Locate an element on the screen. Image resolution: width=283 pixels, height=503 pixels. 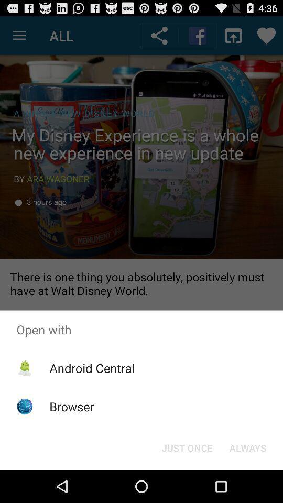
the item to the right of the just once item is located at coordinates (247, 447).